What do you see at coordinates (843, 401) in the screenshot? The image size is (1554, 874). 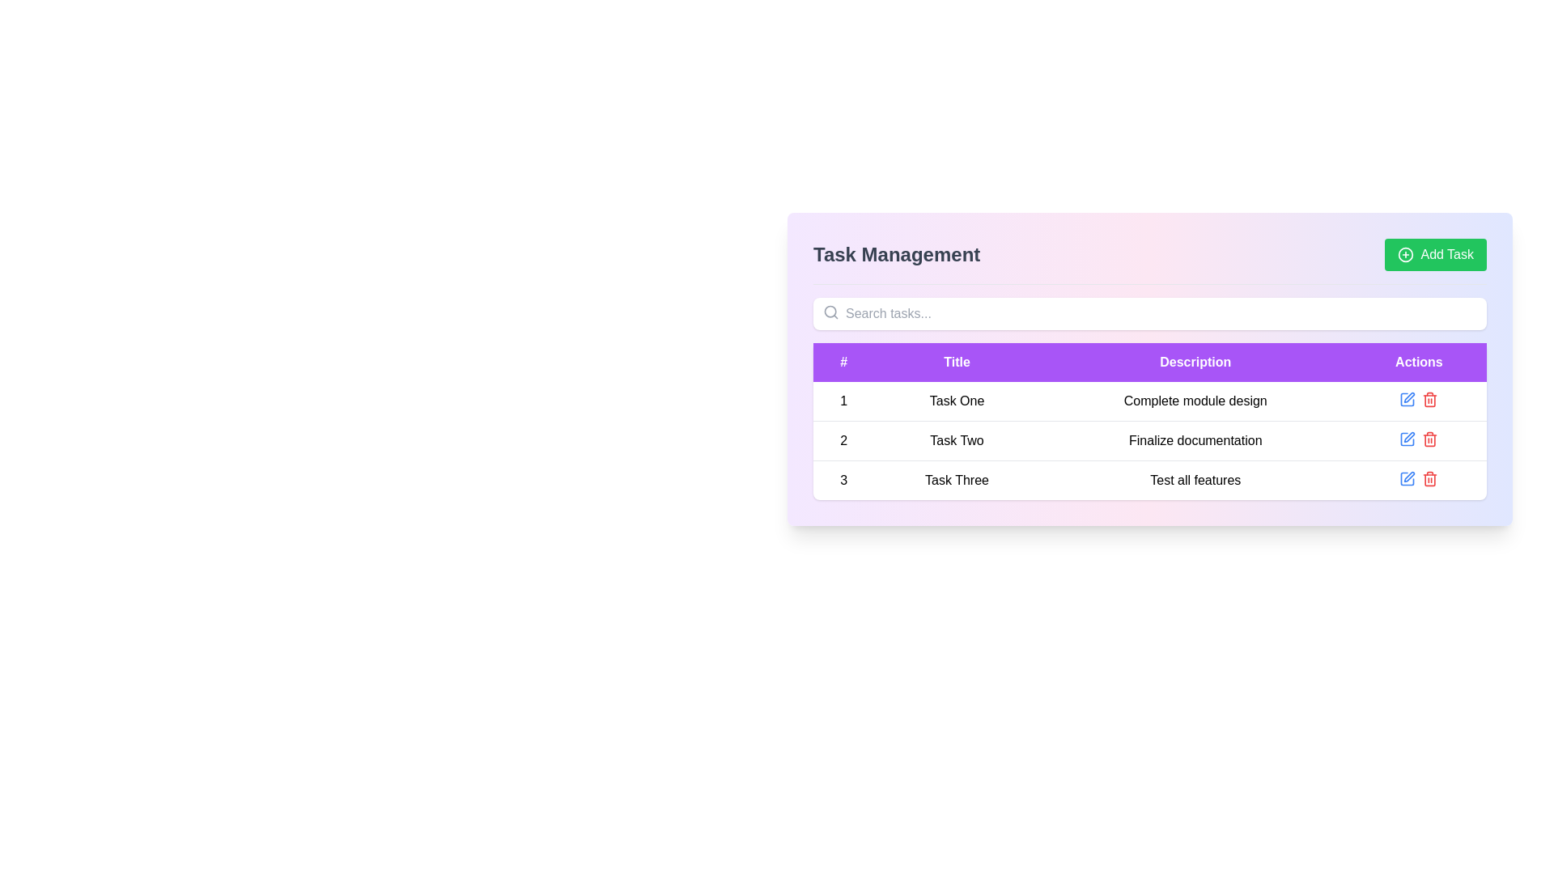 I see `the numeric label displaying the number '1' in the task table under the '#' column for 'Task One'` at bounding box center [843, 401].